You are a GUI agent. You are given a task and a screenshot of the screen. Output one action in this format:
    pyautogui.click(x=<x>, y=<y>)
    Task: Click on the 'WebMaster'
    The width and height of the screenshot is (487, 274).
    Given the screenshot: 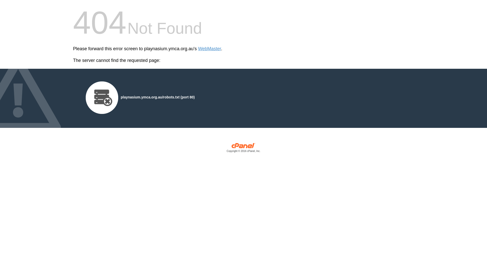 What is the action you would take?
    pyautogui.click(x=198, y=49)
    